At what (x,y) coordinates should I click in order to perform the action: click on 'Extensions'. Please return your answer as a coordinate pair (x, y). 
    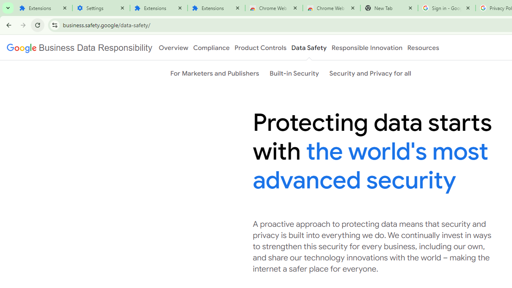
    Looking at the image, I should click on (216, 8).